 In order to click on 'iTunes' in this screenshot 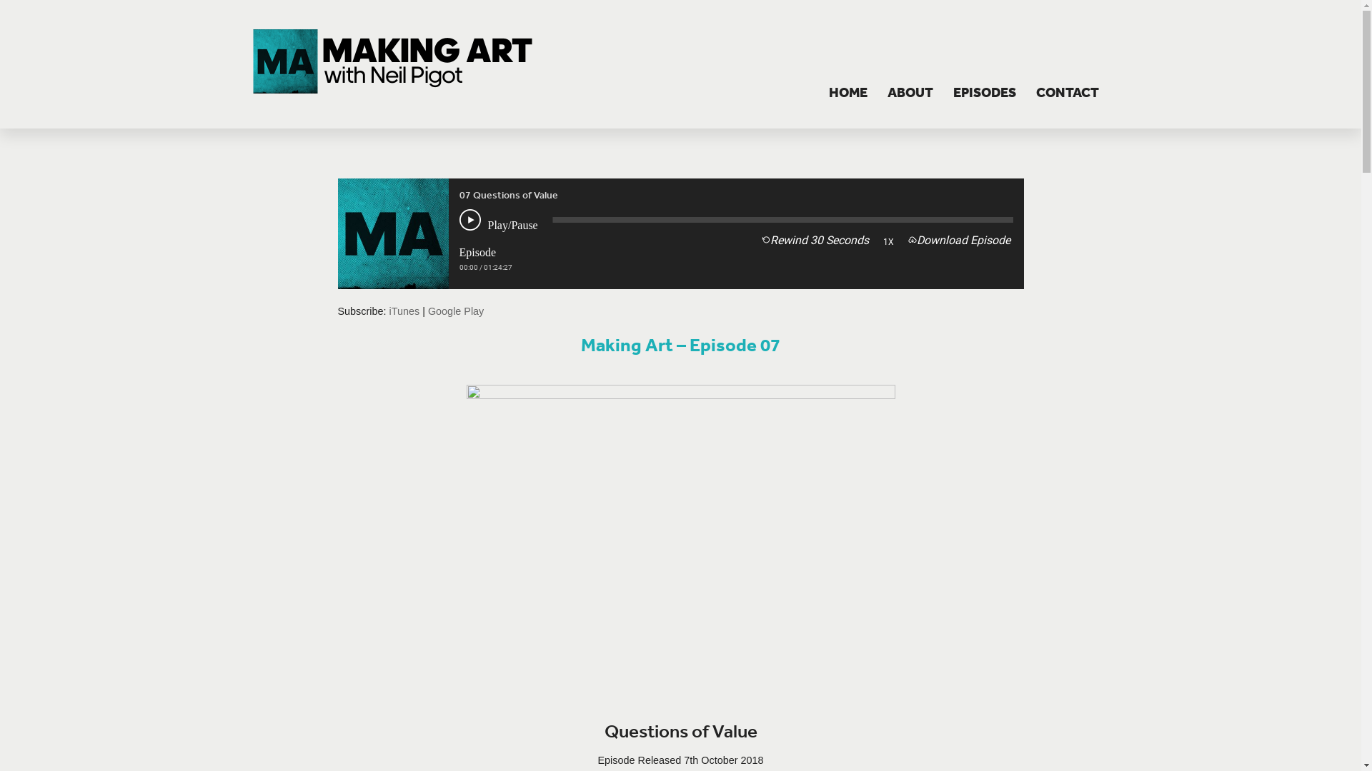, I will do `click(388, 310)`.